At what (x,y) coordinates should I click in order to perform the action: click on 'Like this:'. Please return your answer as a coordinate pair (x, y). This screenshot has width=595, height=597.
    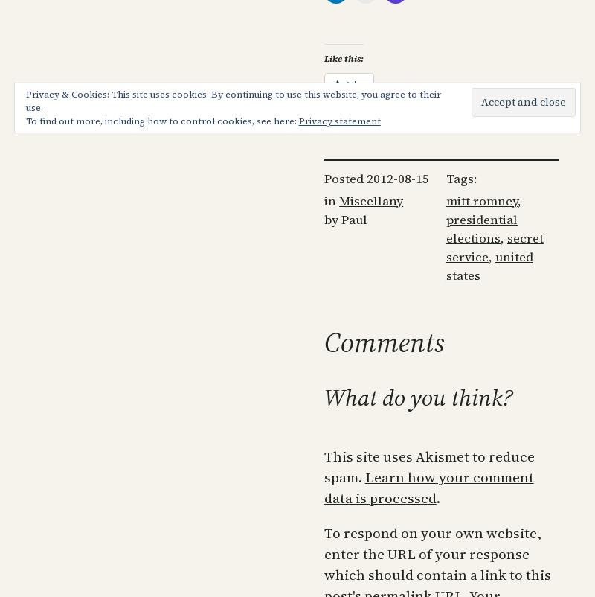
    Looking at the image, I should click on (342, 57).